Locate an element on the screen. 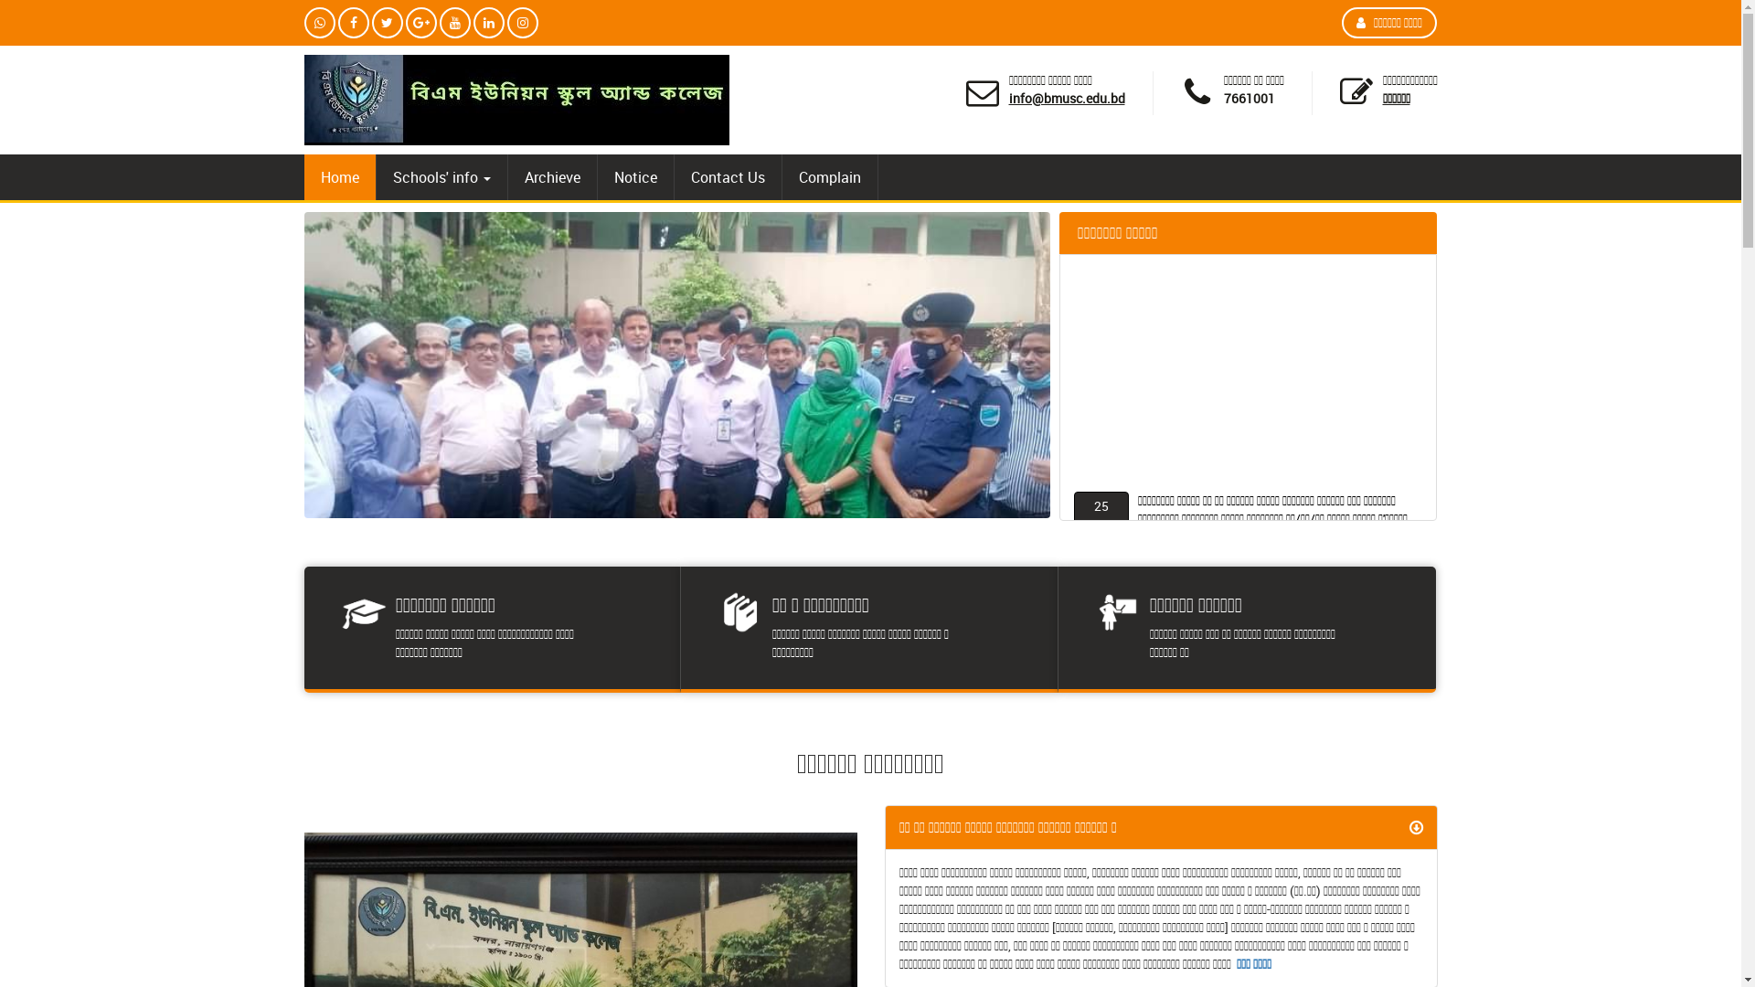 Image resolution: width=1755 pixels, height=987 pixels. 'Complain' is located at coordinates (782, 176).